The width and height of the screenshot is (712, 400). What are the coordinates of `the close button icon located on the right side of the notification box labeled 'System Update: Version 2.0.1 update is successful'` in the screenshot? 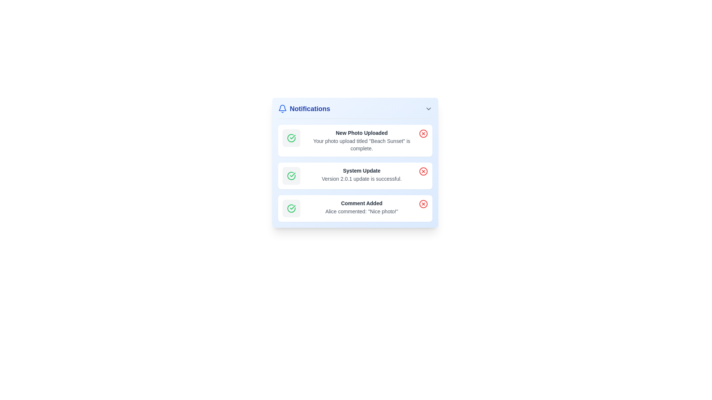 It's located at (423, 171).